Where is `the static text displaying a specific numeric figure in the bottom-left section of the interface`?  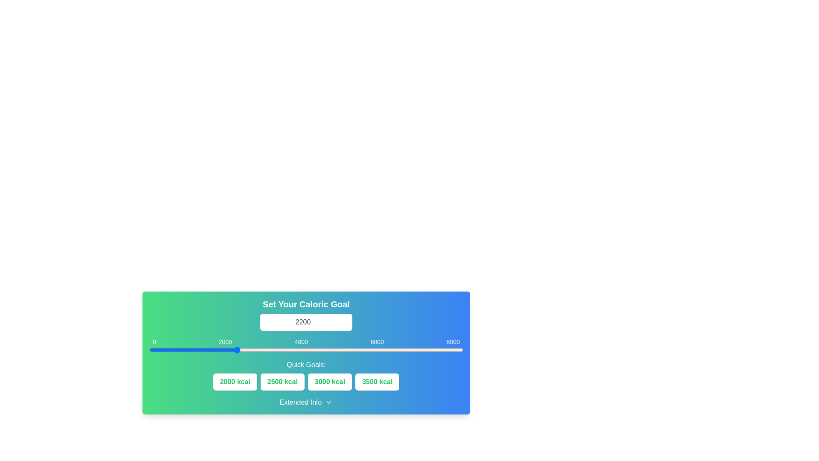
the static text displaying a specific numeric figure in the bottom-left section of the interface is located at coordinates (154, 341).